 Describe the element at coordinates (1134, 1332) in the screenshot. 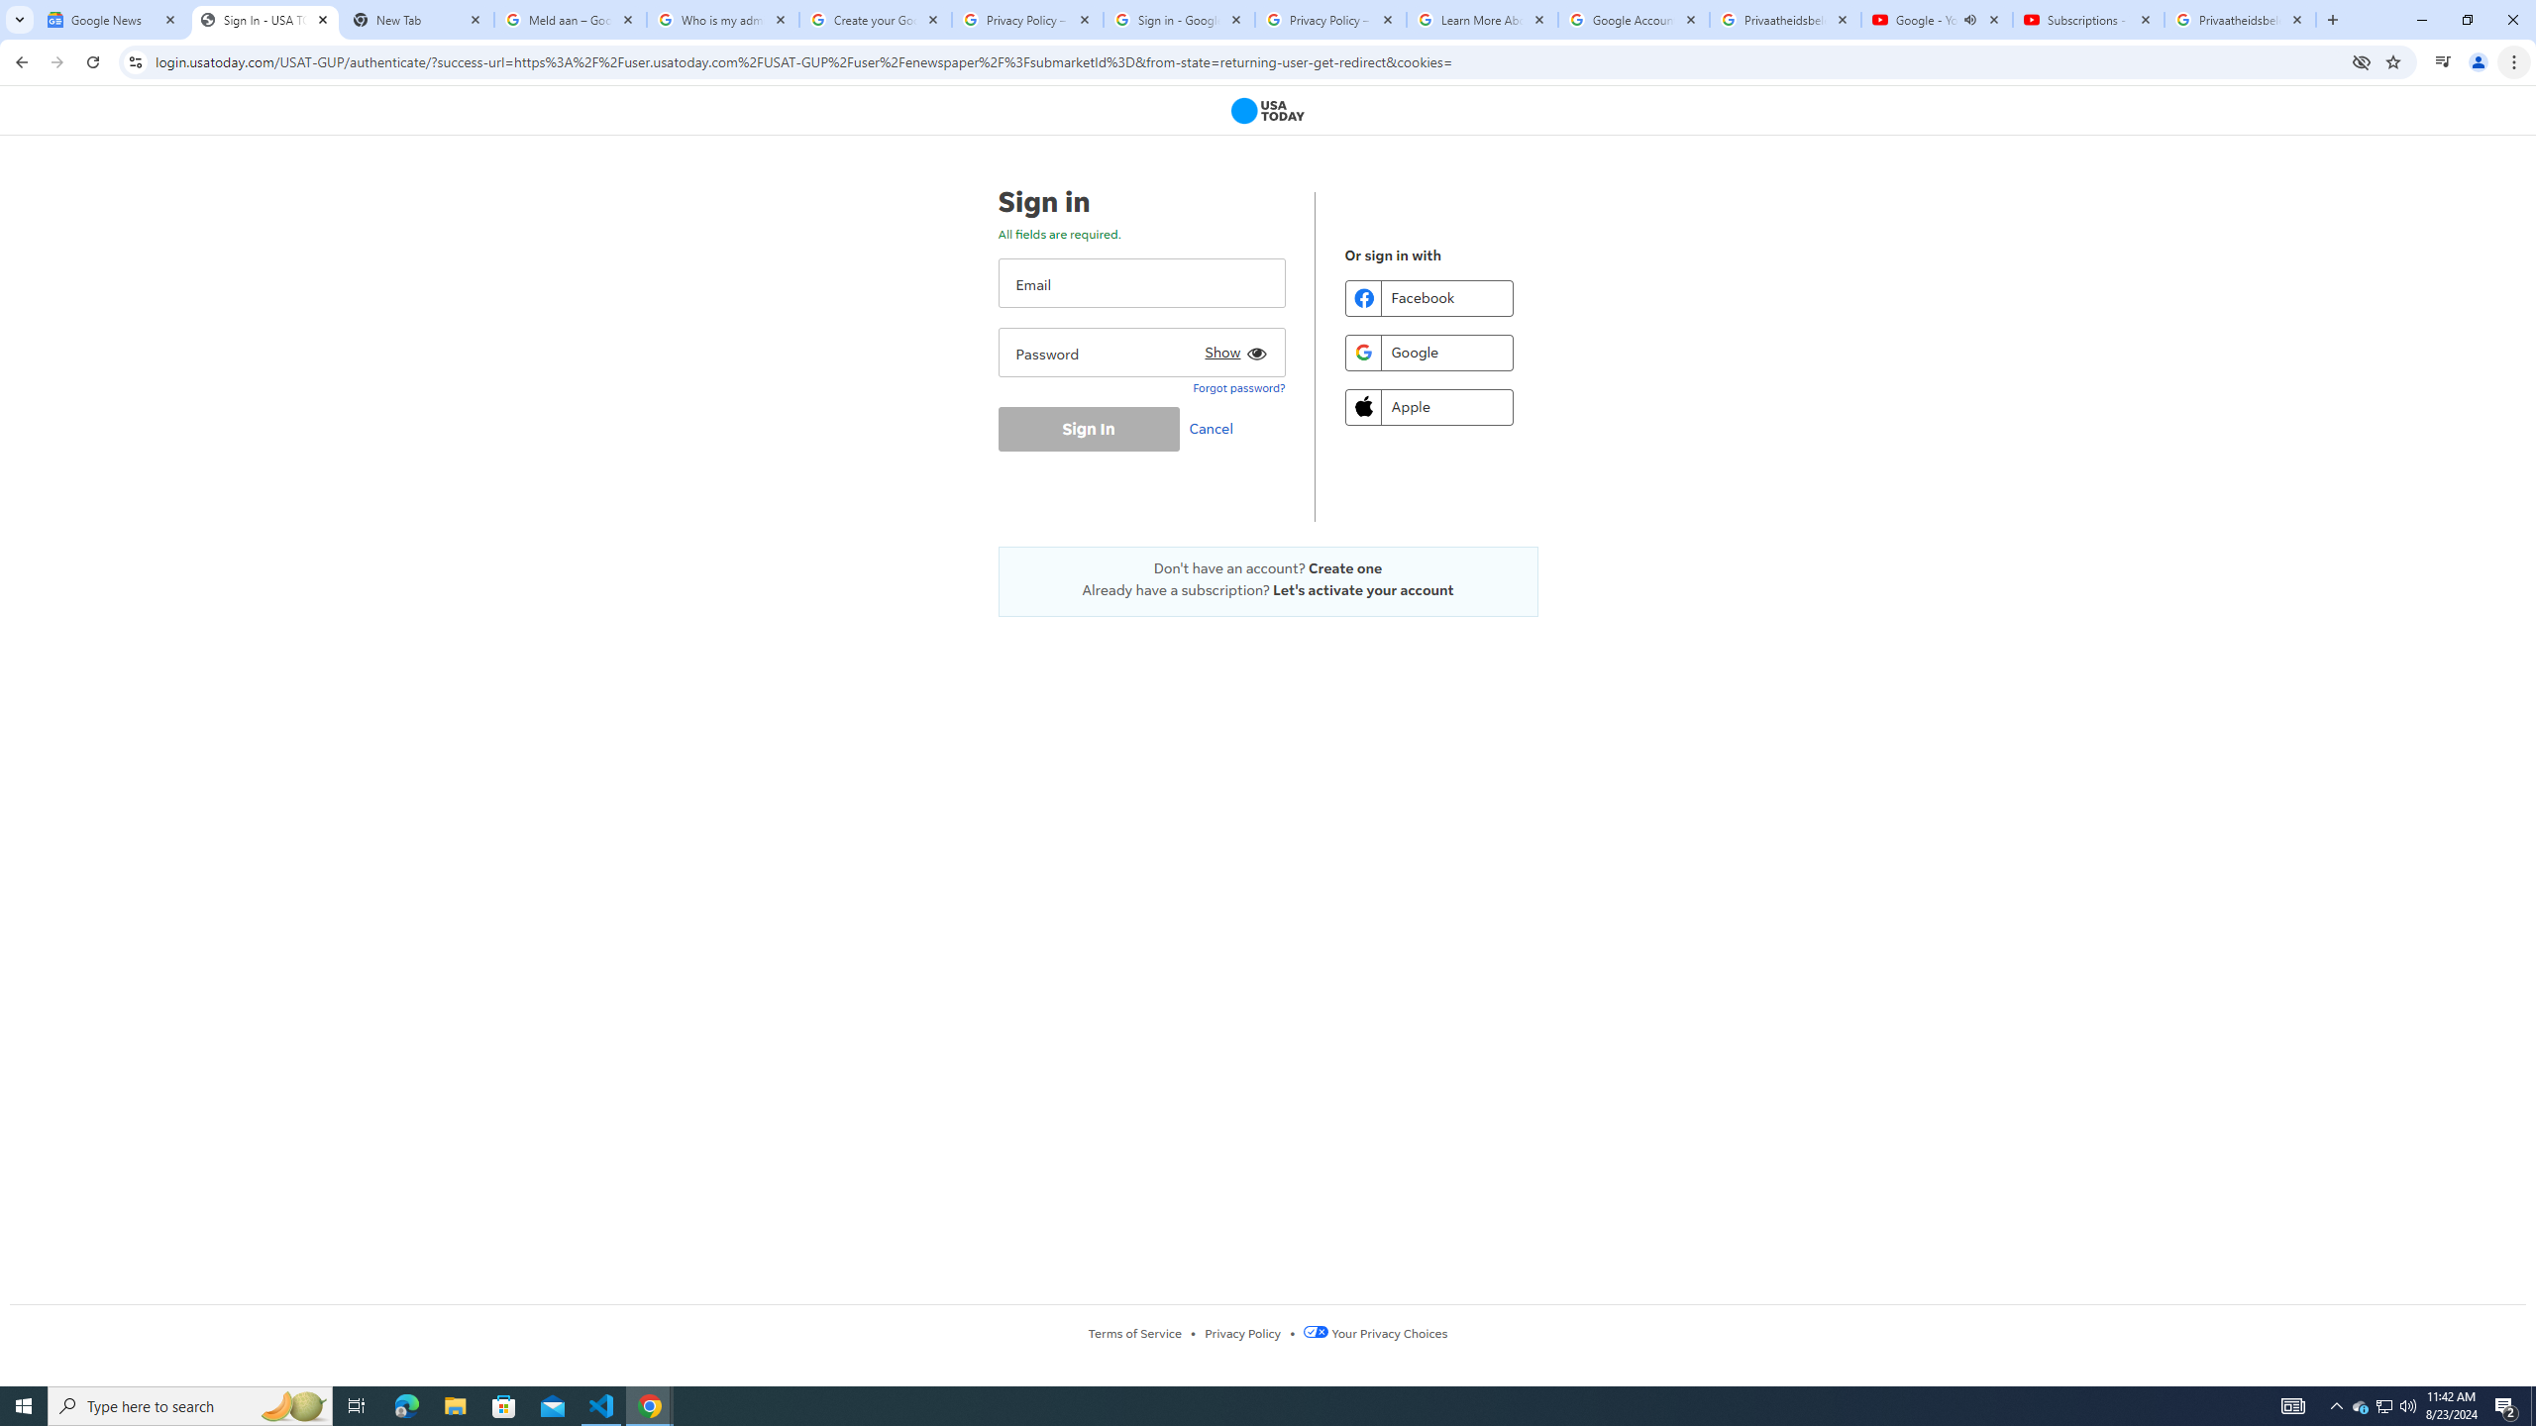

I see `'Terms of Service'` at that location.